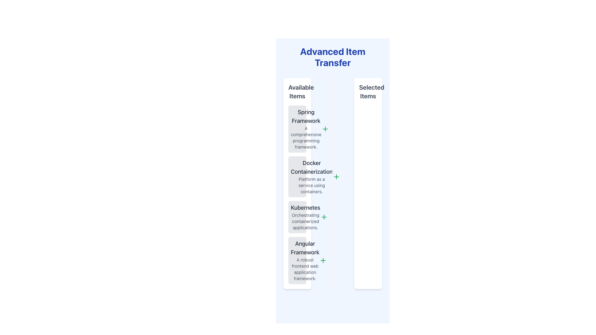 Image resolution: width=596 pixels, height=335 pixels. What do you see at coordinates (297, 261) in the screenshot?
I see `the last list item element in the 'Available Items' section, which includes a '+' icon for adding a framework to the selection list` at bounding box center [297, 261].